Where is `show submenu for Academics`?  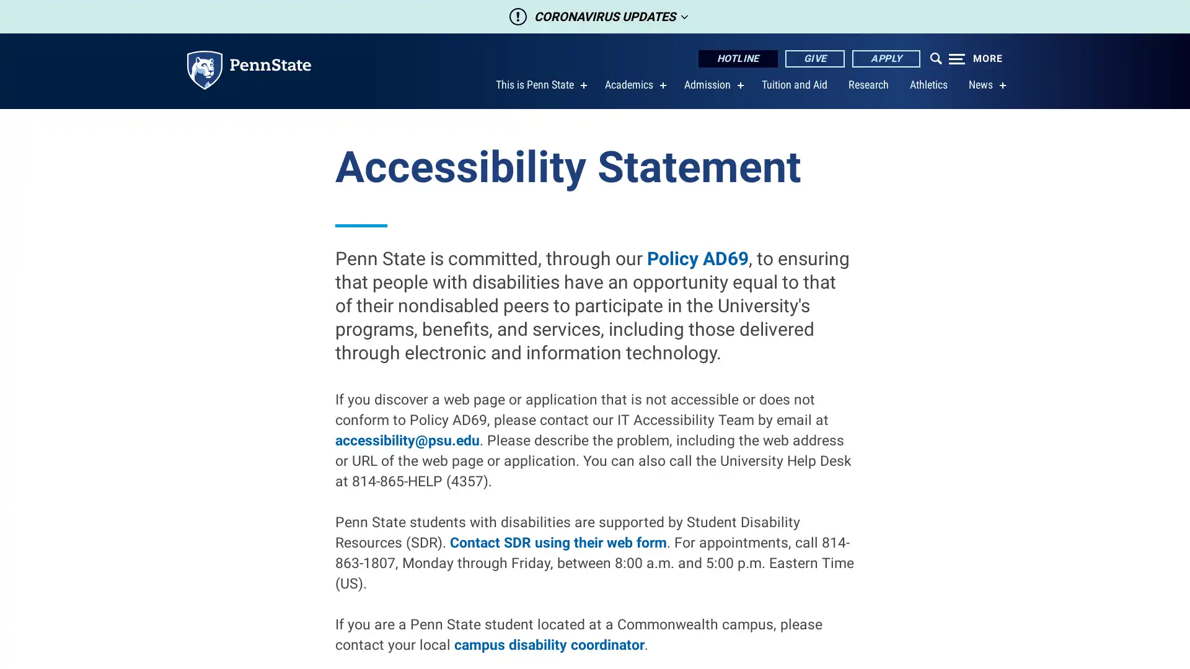
show submenu for Academics is located at coordinates (657, 85).